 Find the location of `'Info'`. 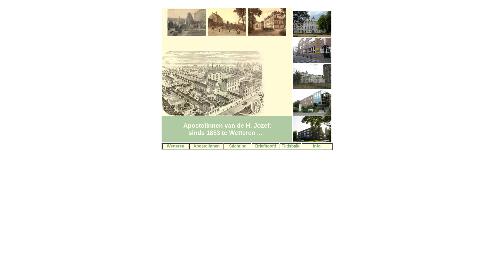

'Info' is located at coordinates (316, 146).